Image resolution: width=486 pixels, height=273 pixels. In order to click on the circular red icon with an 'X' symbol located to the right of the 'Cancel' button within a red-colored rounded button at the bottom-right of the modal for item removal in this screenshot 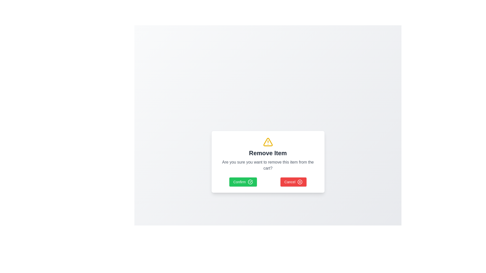, I will do `click(300, 182)`.